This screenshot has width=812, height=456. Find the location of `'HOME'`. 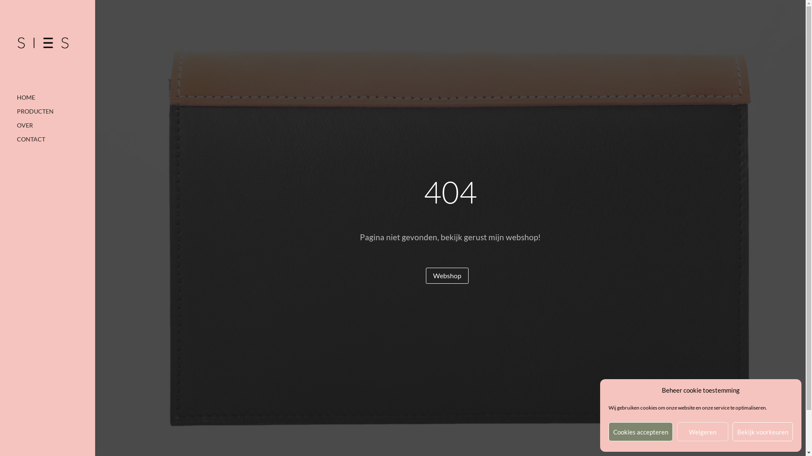

'HOME' is located at coordinates (16, 101).